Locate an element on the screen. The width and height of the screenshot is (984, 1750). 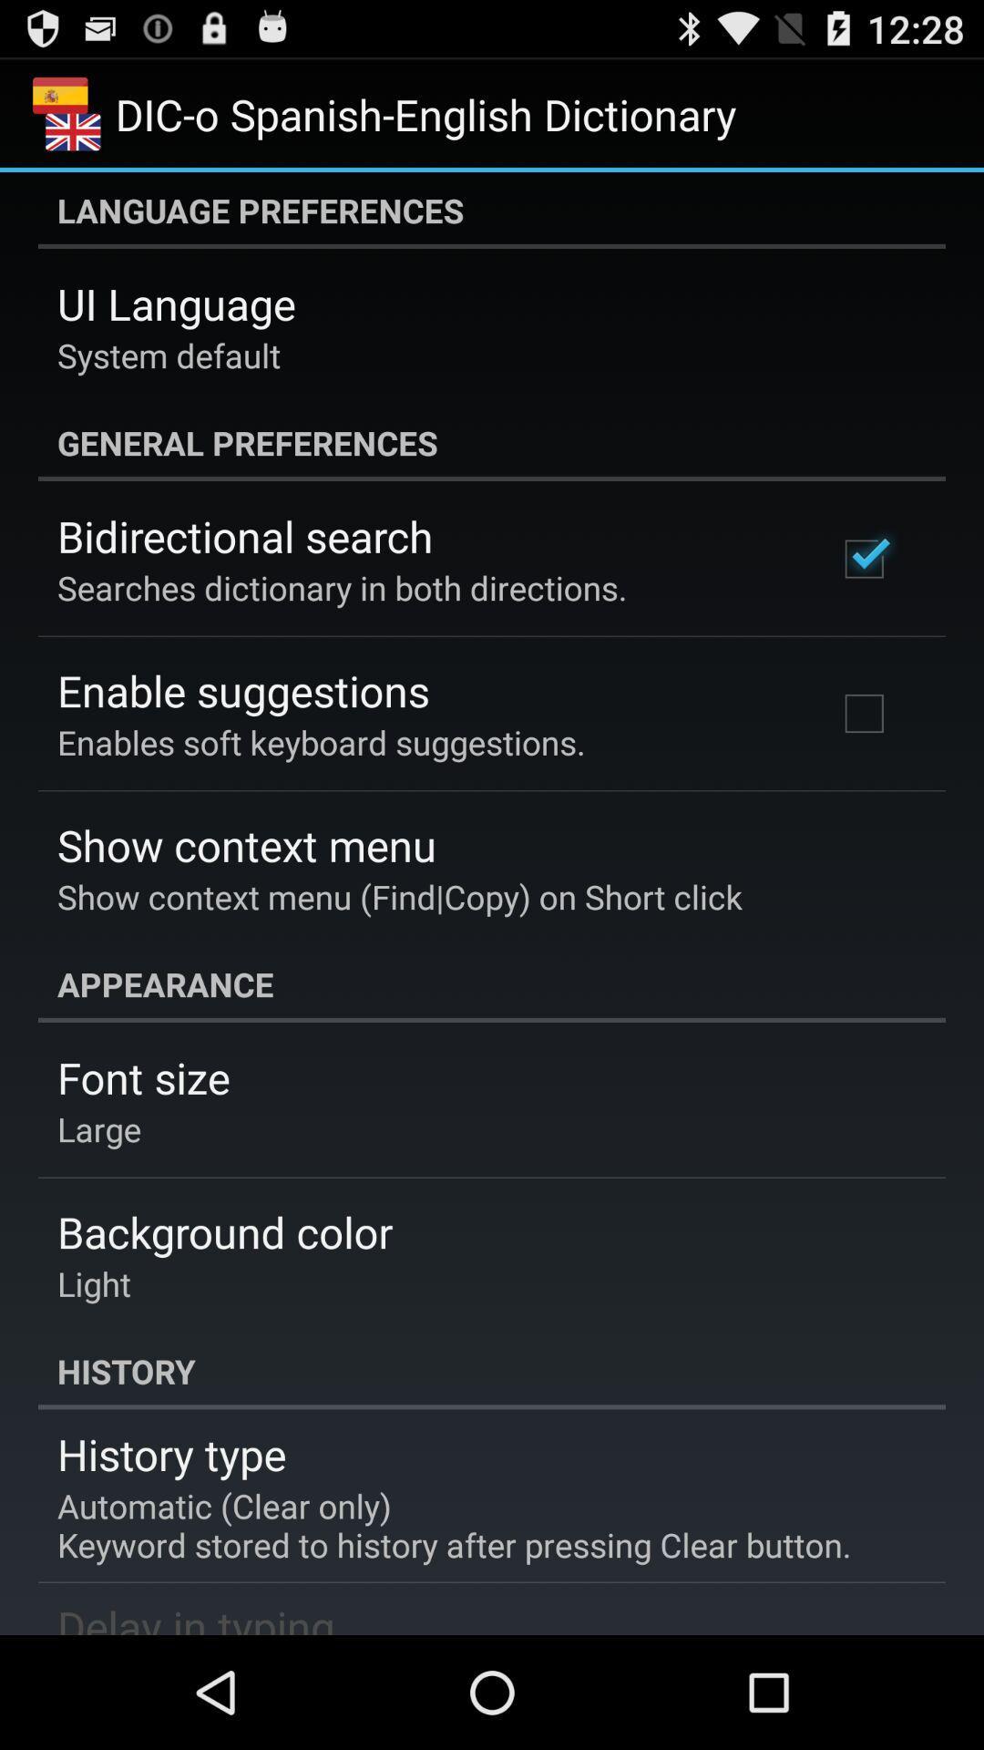
the general preferences icon is located at coordinates (492, 442).